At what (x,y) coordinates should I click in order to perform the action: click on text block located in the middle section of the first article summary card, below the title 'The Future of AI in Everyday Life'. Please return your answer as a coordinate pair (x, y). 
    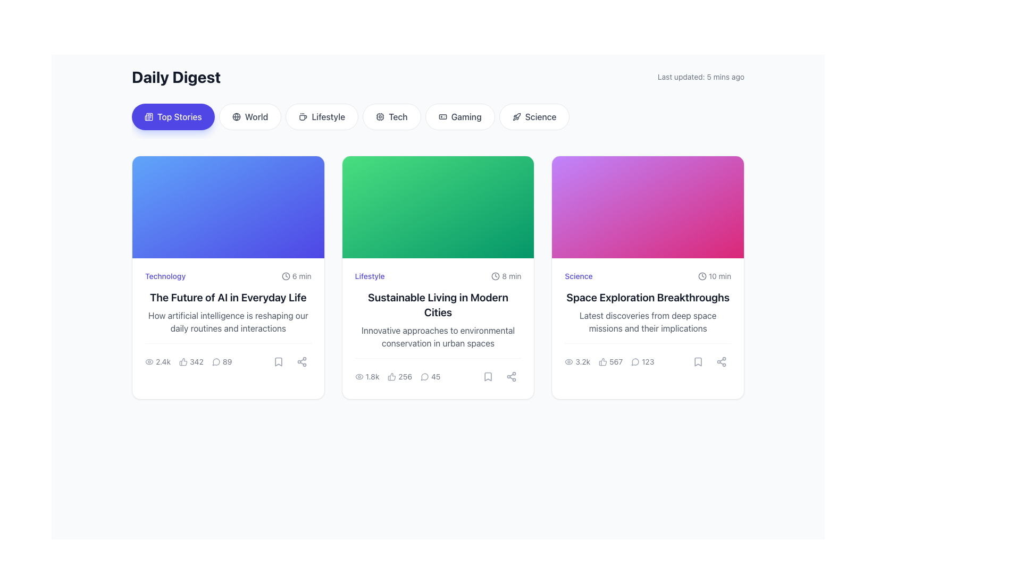
    Looking at the image, I should click on (228, 321).